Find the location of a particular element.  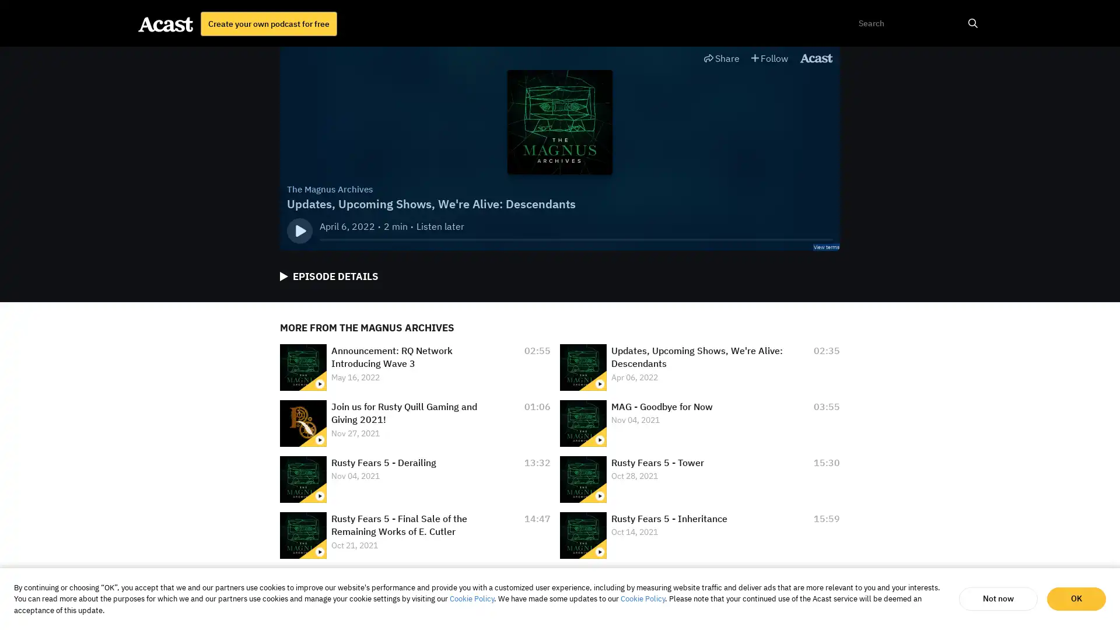

OK is located at coordinates (1076, 598).